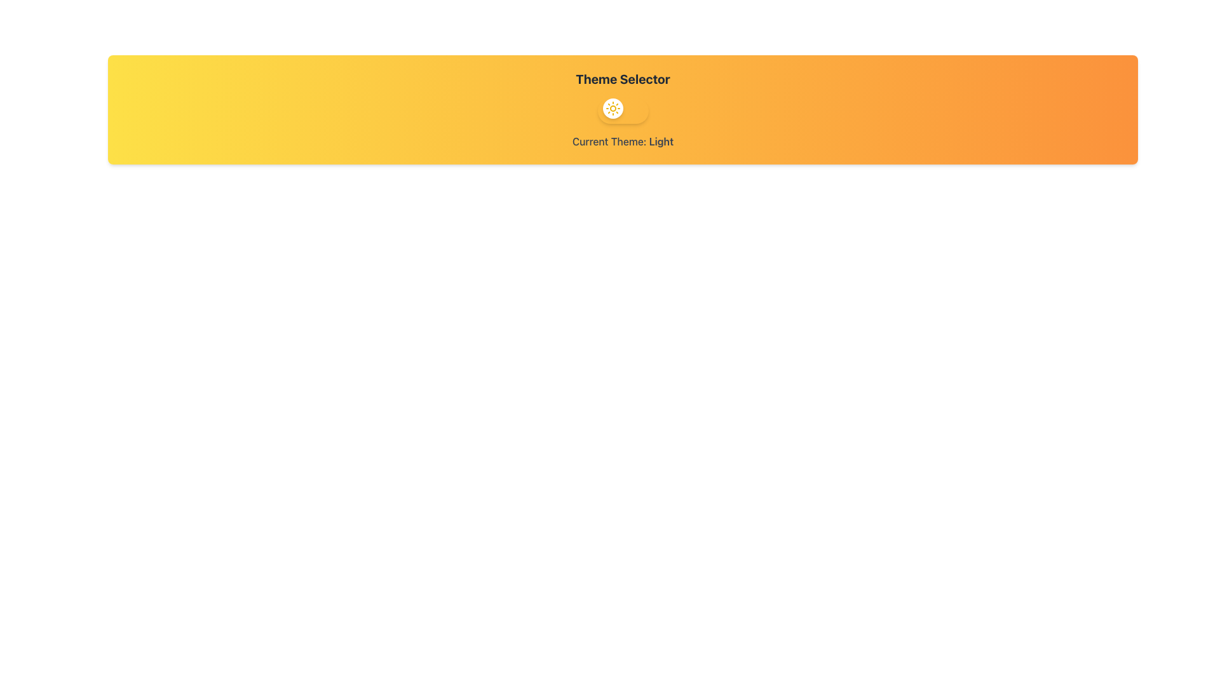 Image resolution: width=1220 pixels, height=686 pixels. Describe the element at coordinates (613, 107) in the screenshot. I see `the circular button toggle handler with a sun icon` at that location.